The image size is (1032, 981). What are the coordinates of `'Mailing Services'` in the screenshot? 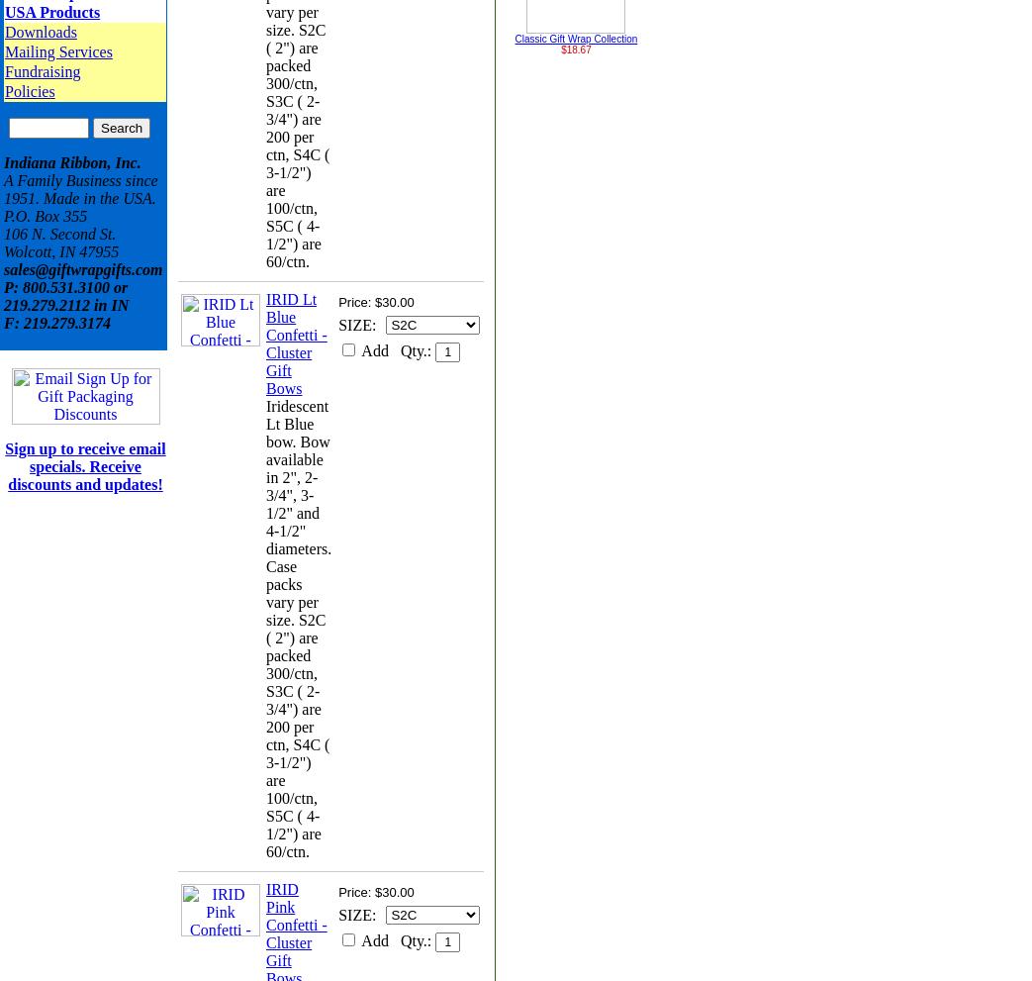 It's located at (4, 51).